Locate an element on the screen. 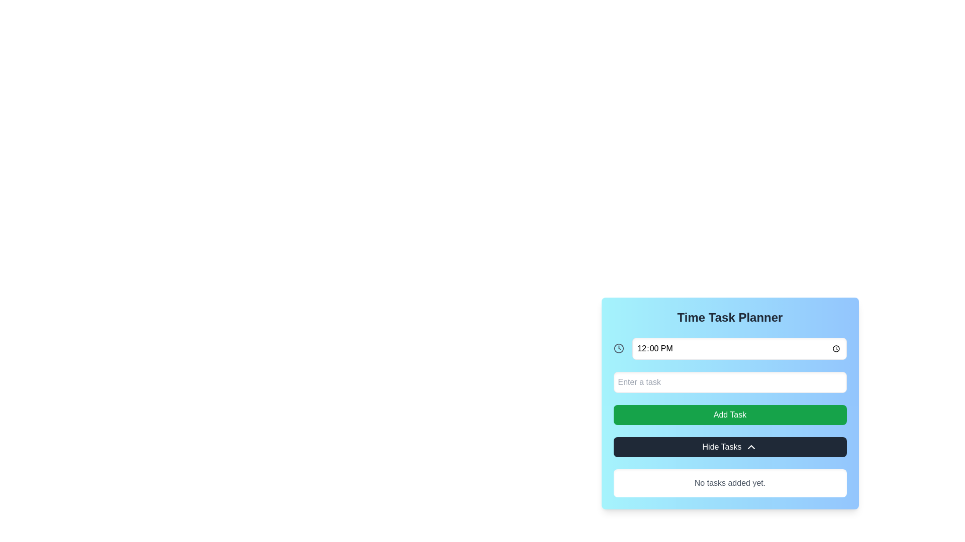 The image size is (965, 542). the circular outline of the SVG clock icon located on the left side of the Time Task Planner interface is located at coordinates (618, 348).